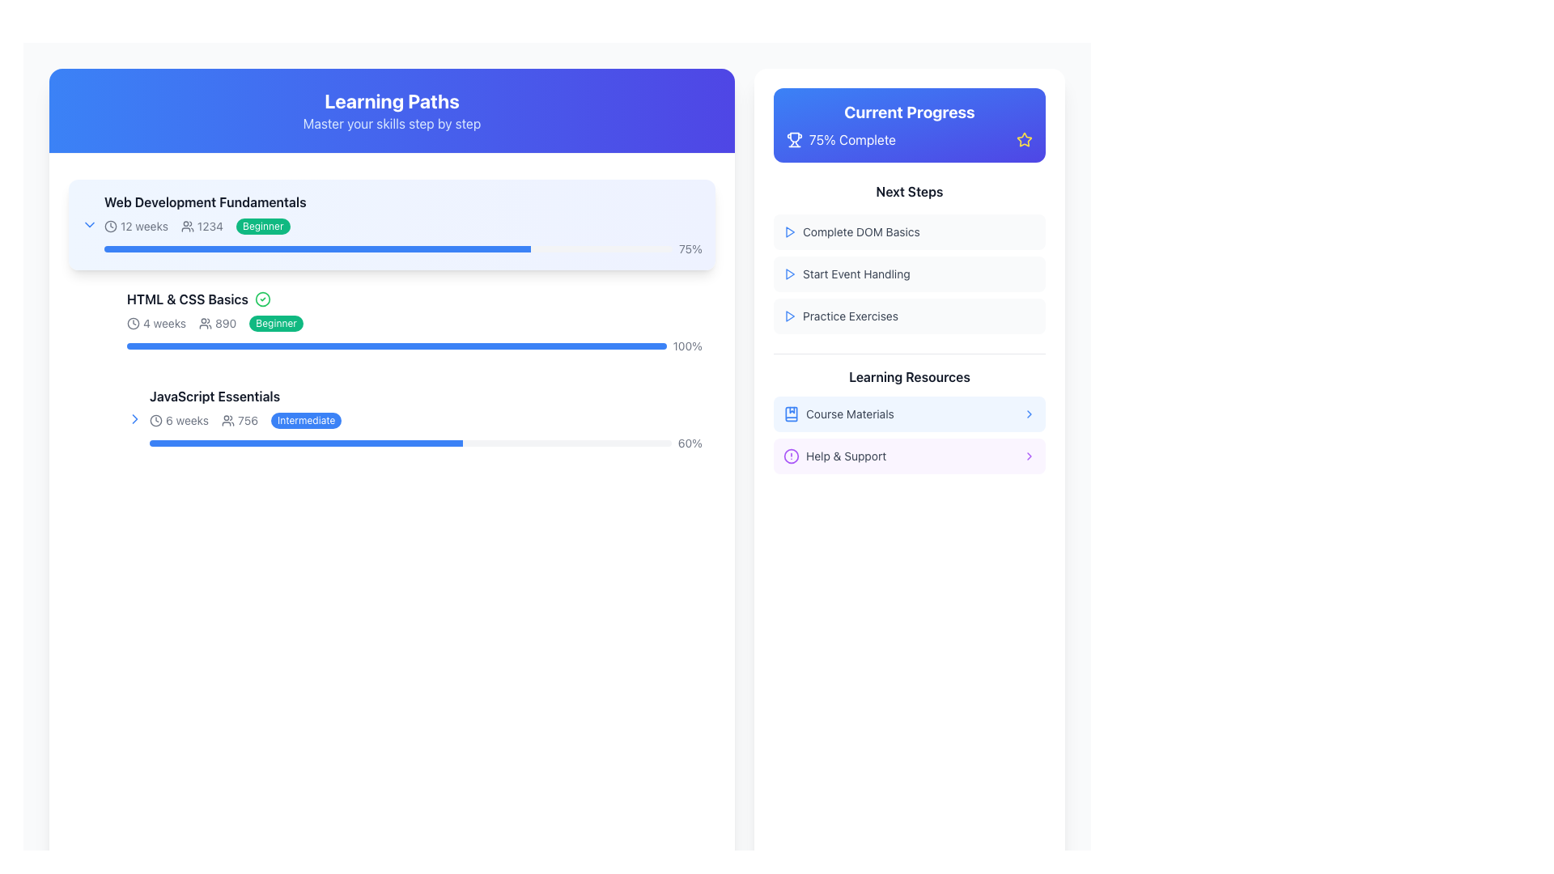 Image resolution: width=1554 pixels, height=874 pixels. I want to click on the small pill-shaped label with a green background and white text displaying 'Beginner', located in the 'HTML & CSS Basics' section, to the right of '890', so click(276, 324).